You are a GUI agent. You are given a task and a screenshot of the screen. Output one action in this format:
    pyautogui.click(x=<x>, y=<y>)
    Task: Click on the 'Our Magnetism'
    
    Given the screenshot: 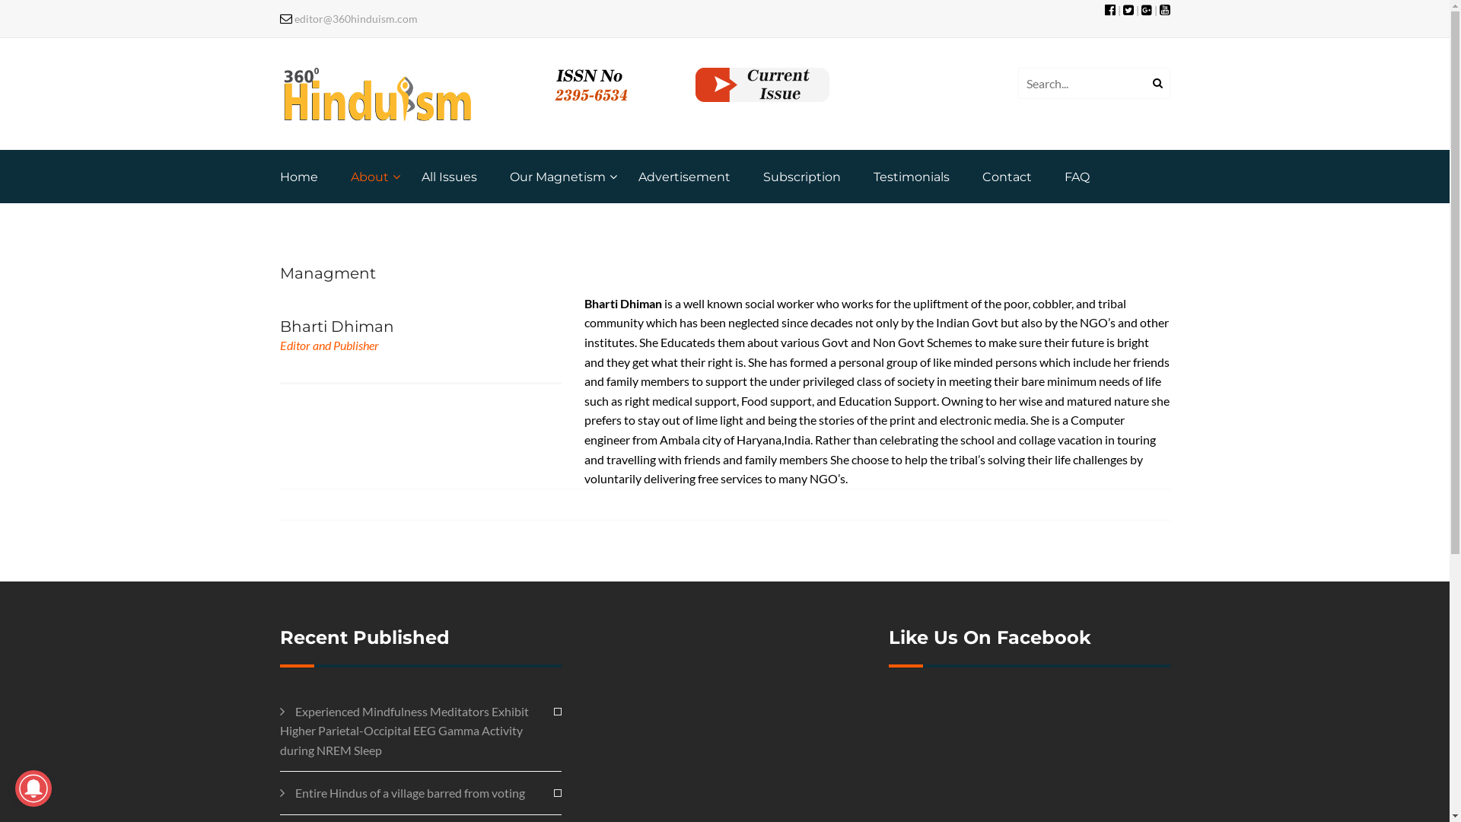 What is the action you would take?
    pyautogui.click(x=510, y=176)
    